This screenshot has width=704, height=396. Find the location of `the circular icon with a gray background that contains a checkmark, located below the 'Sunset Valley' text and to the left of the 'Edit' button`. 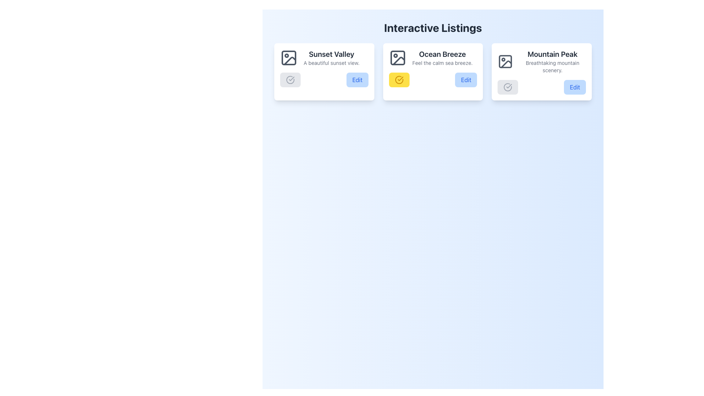

the circular icon with a gray background that contains a checkmark, located below the 'Sunset Valley' text and to the left of the 'Edit' button is located at coordinates (290, 80).